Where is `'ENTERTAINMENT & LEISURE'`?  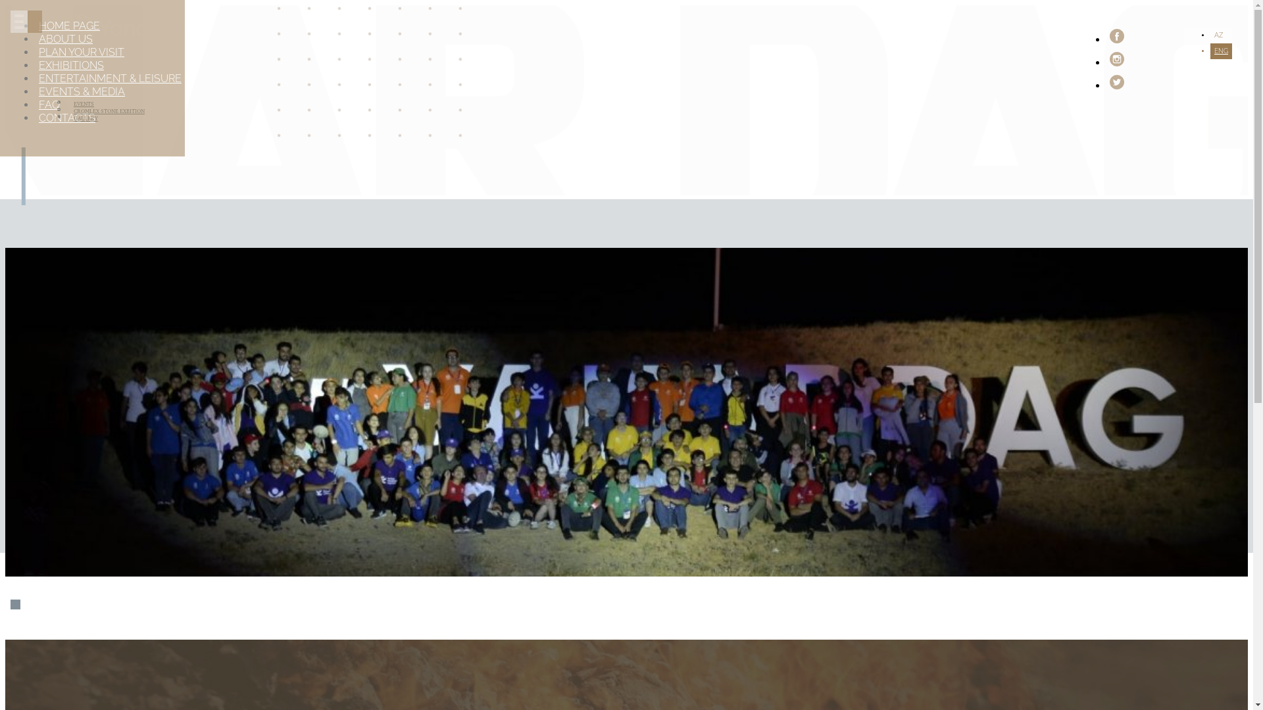
'ENTERTAINMENT & LEISURE' is located at coordinates (110, 78).